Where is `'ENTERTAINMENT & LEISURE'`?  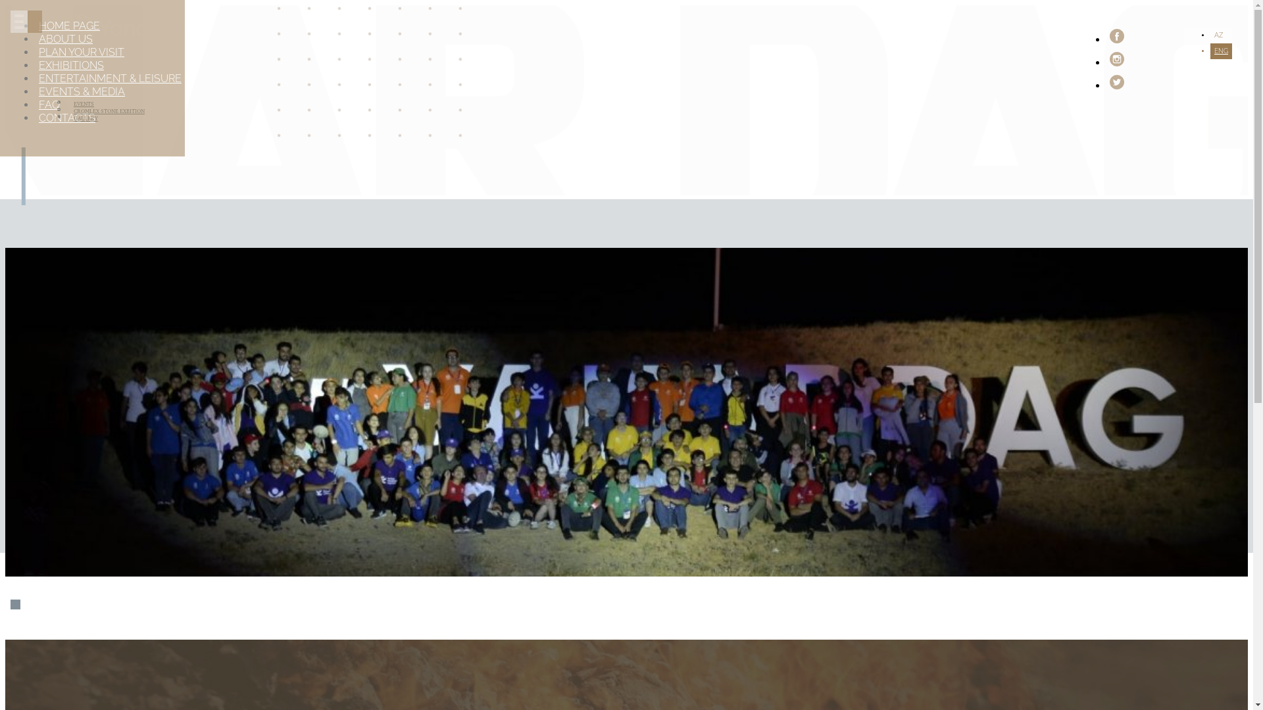
'ENTERTAINMENT & LEISURE' is located at coordinates (110, 78).